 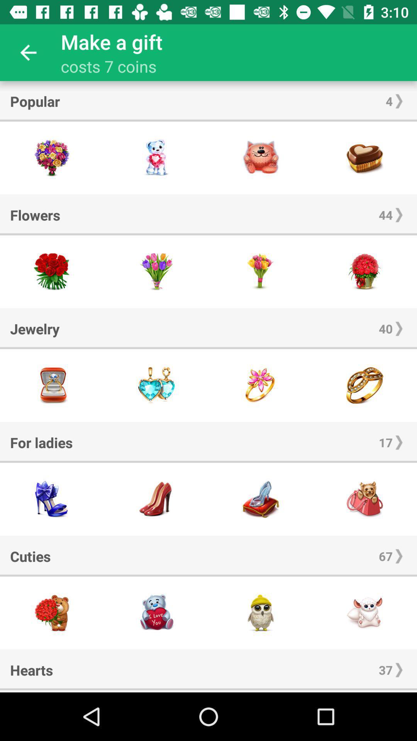 I want to click on icon next to the jewelry icon, so click(x=386, y=328).